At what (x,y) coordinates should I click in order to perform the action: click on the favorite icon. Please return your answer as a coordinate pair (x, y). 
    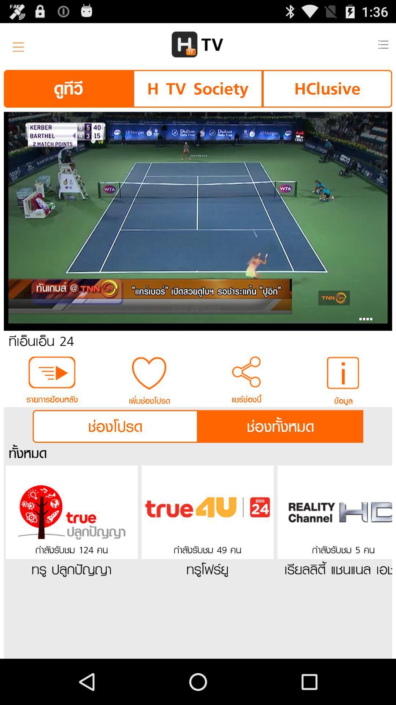
    Looking at the image, I should click on (149, 399).